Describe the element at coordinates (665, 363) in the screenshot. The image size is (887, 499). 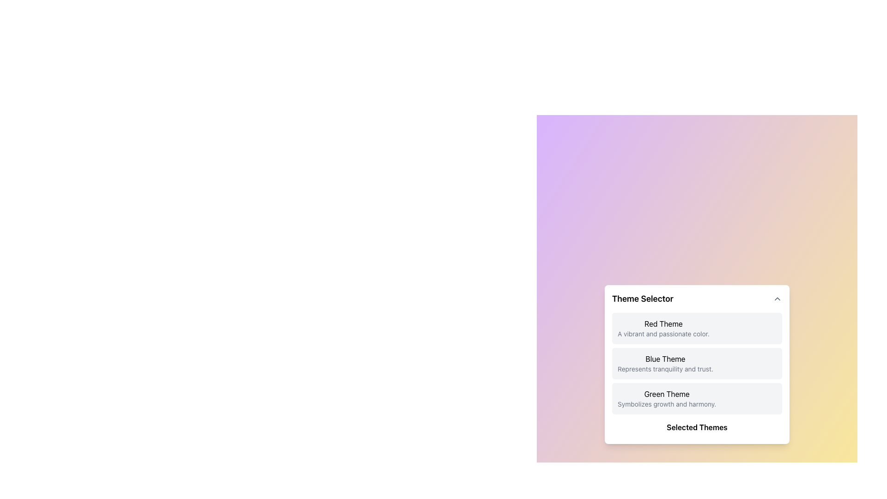
I see `the 'Blue Theme' selection item in the theme options list` at that location.